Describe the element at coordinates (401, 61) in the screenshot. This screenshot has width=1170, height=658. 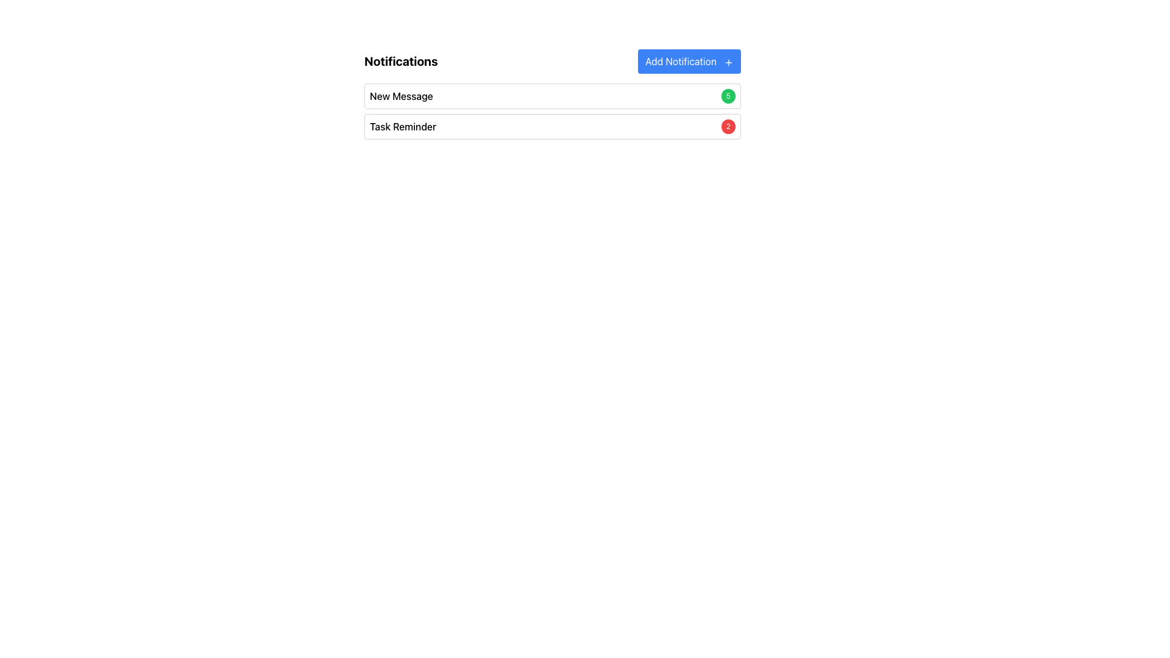
I see `the text label that serves as a heading for the notifications section, located in the upper-left section of the interface, above the 'Add Notification' button` at that location.